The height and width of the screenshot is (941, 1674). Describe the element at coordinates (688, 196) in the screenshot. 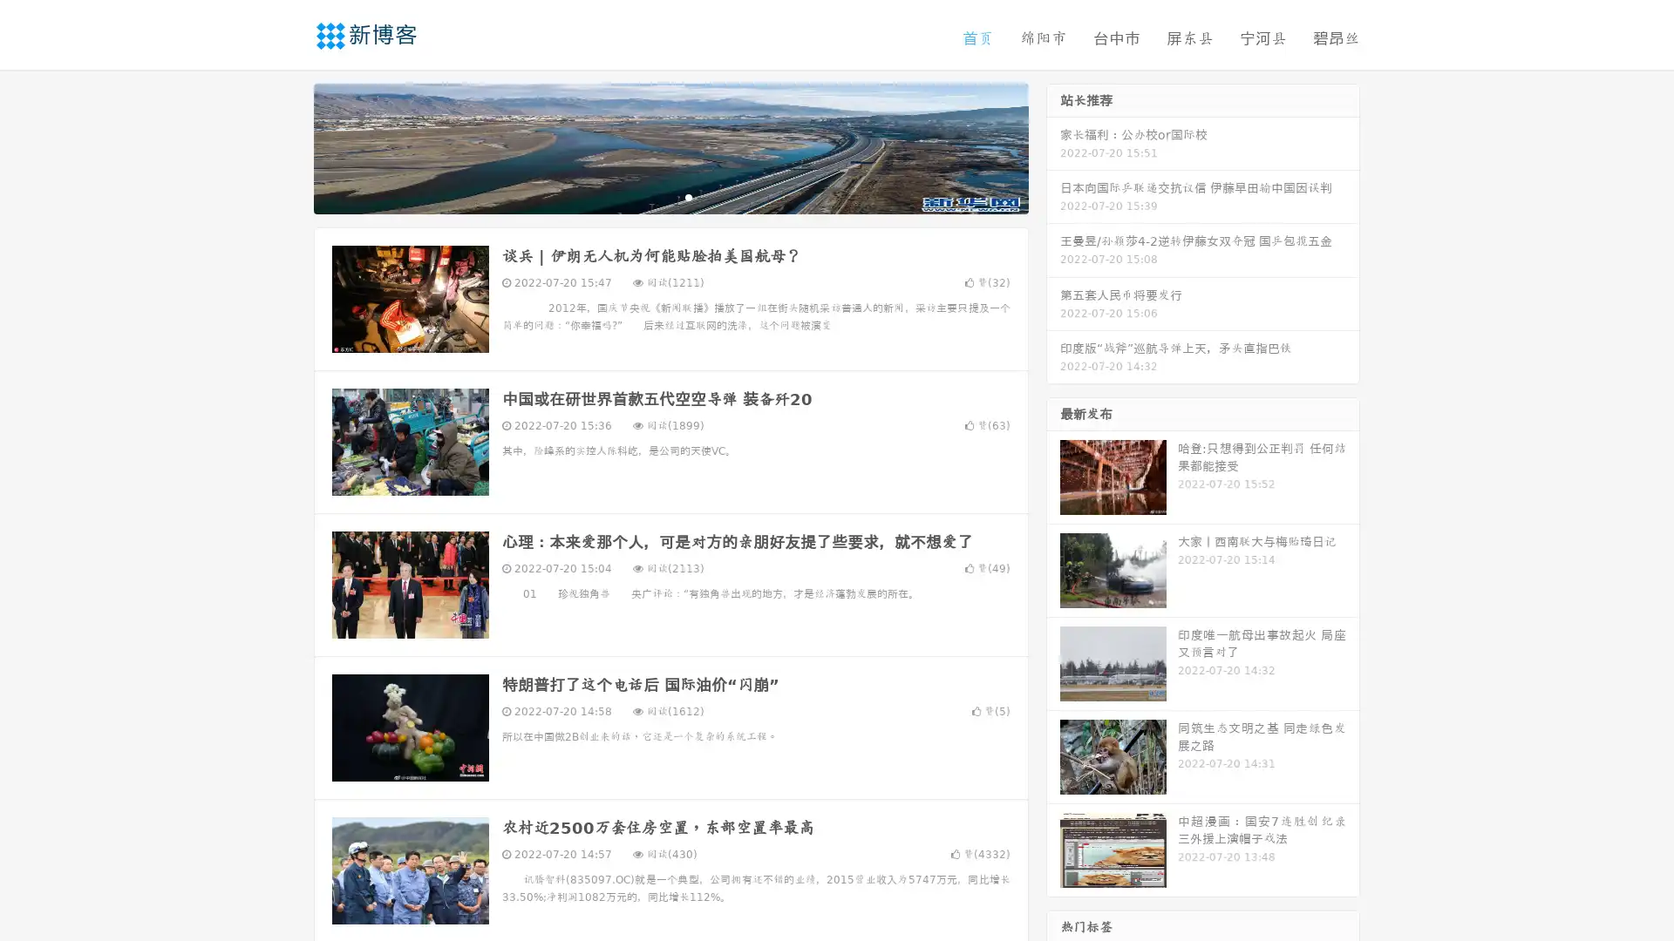

I see `Go to slide 3` at that location.